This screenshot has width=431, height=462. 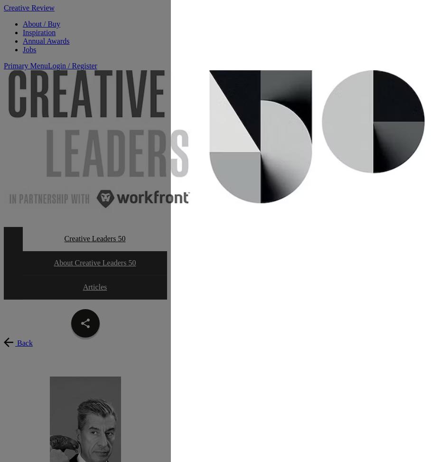 What do you see at coordinates (41, 24) in the screenshot?
I see `'About / Buy'` at bounding box center [41, 24].